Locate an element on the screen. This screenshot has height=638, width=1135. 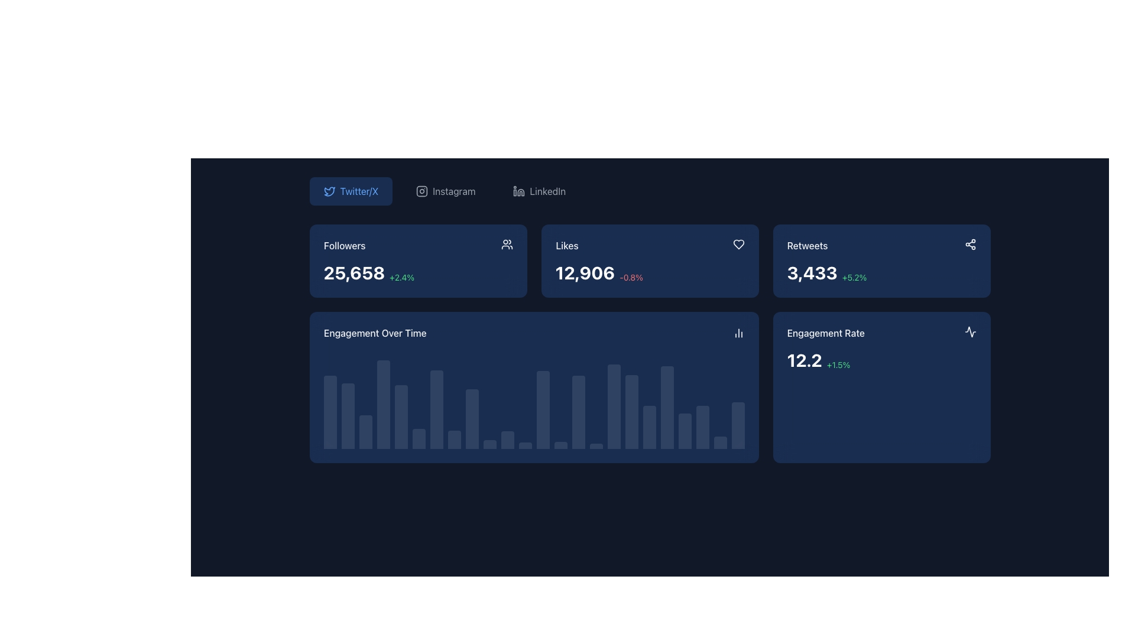
the 'Instagram' button, which is a horizontally-aligned button labeled with the text 'Instagram' and an icon resembling a camera, located at the top-right of other buttons is located at coordinates (445, 191).